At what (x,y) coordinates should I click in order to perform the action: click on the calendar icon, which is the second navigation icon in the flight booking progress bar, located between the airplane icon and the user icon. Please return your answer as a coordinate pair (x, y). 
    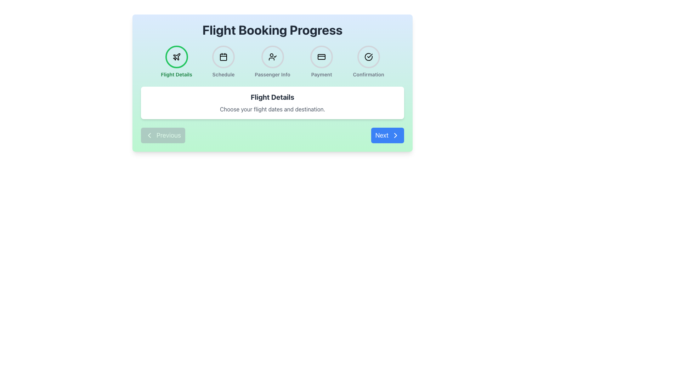
    Looking at the image, I should click on (223, 57).